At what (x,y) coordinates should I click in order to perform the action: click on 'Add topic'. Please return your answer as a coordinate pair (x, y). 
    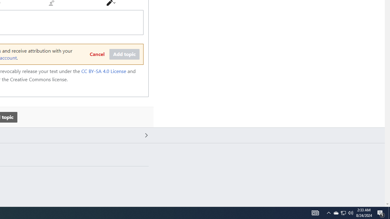
    Looking at the image, I should click on (124, 54).